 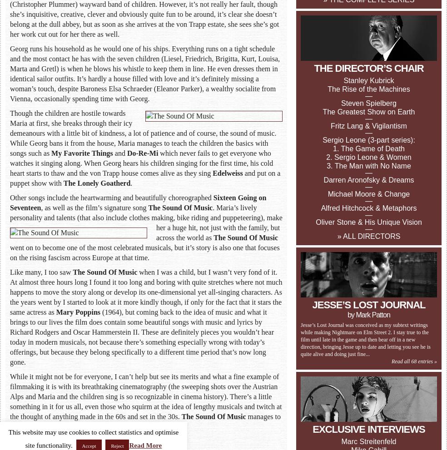 I want to click on '.', so click(x=131, y=183).